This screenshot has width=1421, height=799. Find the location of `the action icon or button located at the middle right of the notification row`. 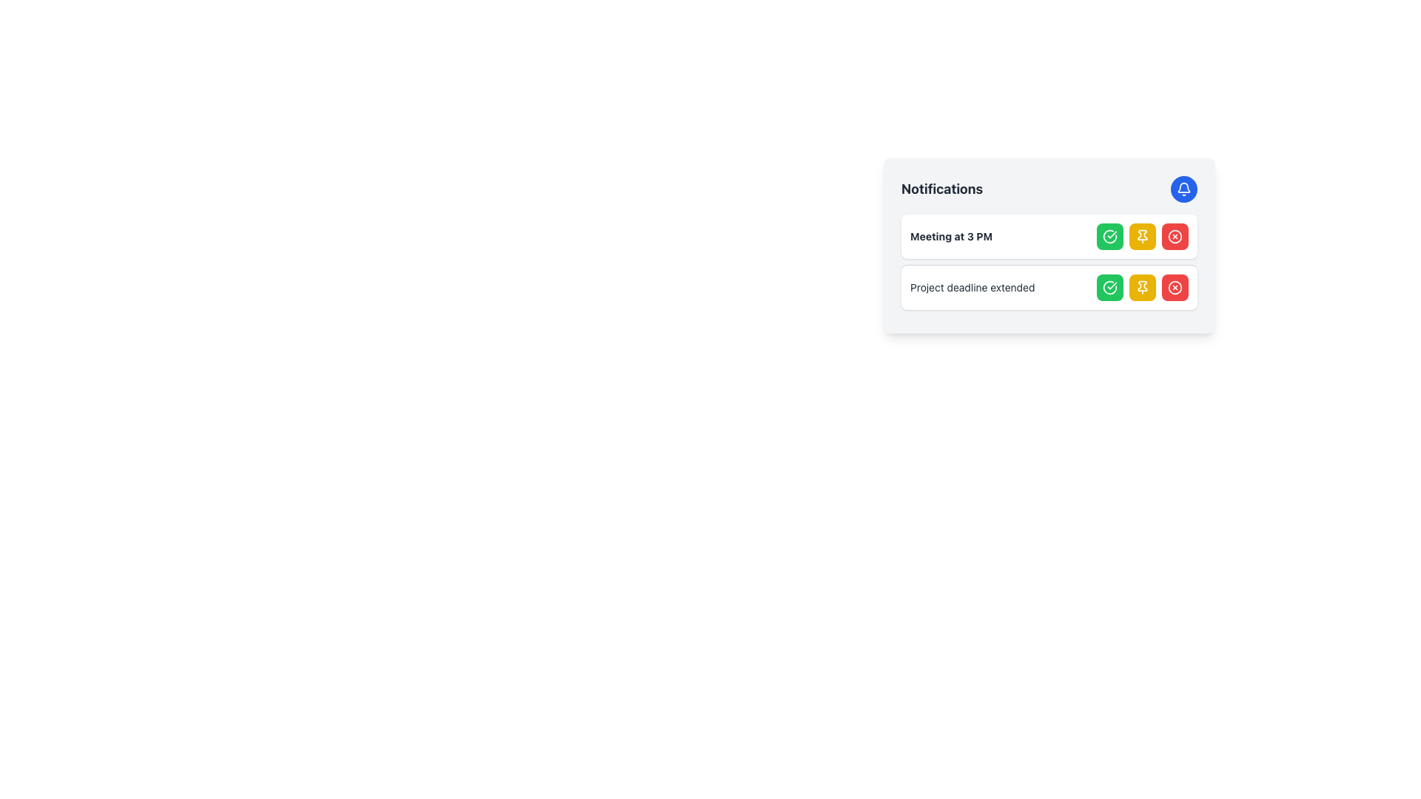

the action icon or button located at the middle right of the notification row is located at coordinates (1109, 288).